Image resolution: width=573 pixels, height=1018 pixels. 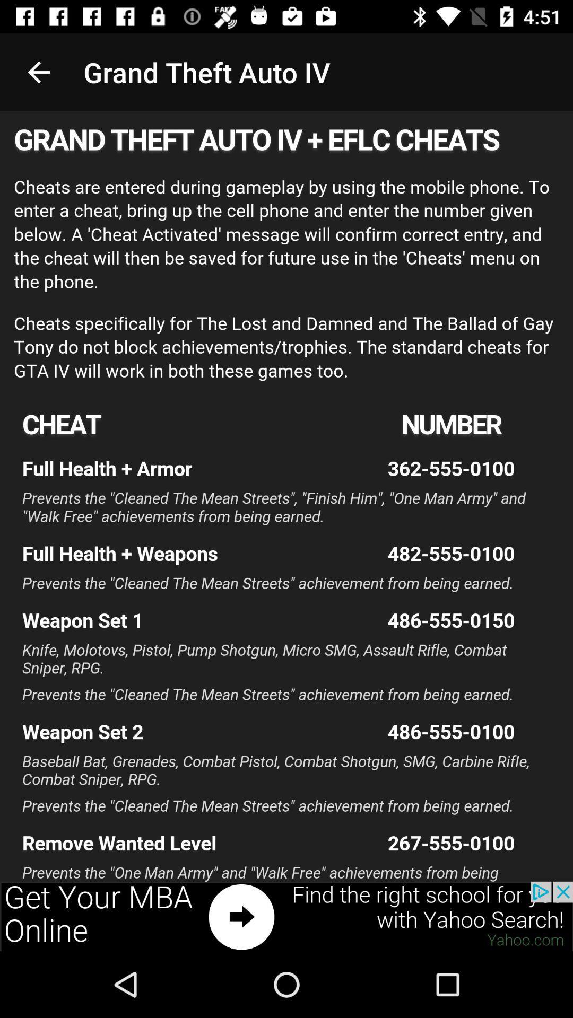 I want to click on tap advertisement, so click(x=286, y=916).